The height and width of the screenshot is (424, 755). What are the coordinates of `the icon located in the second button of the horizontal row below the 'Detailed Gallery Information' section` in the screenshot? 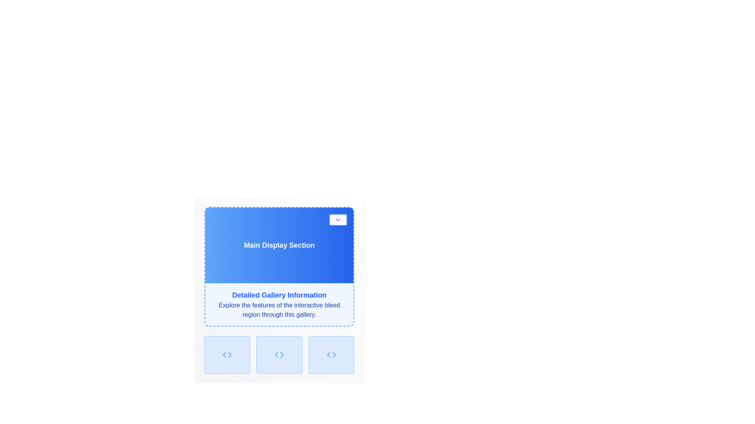 It's located at (227, 355).